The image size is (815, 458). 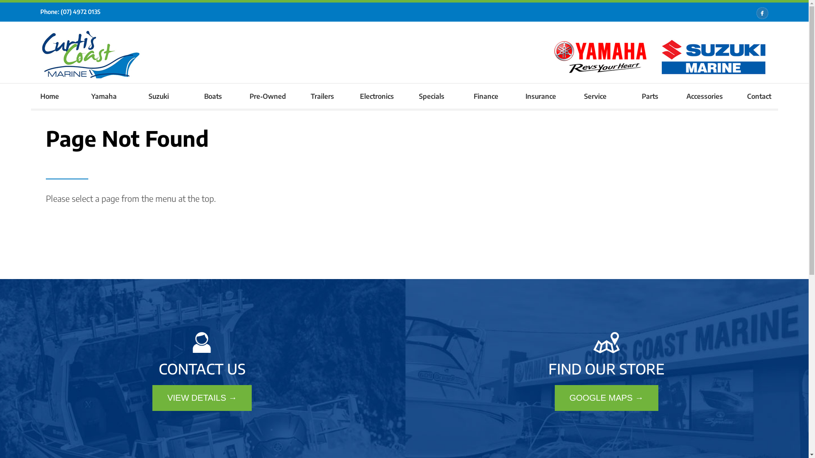 I want to click on 'Accessories', so click(x=704, y=95).